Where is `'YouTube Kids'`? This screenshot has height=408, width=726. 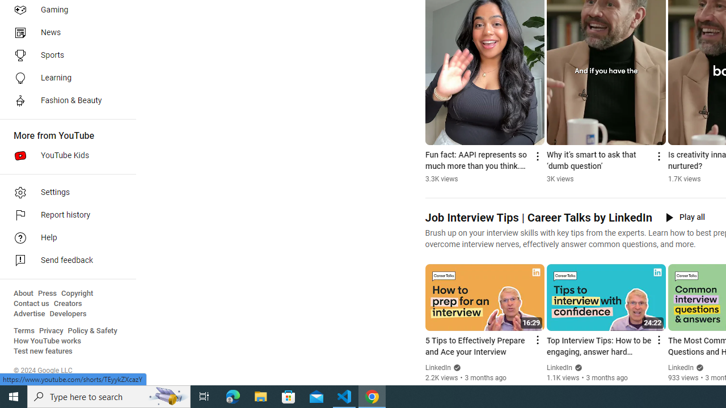 'YouTube Kids' is located at coordinates (64, 156).